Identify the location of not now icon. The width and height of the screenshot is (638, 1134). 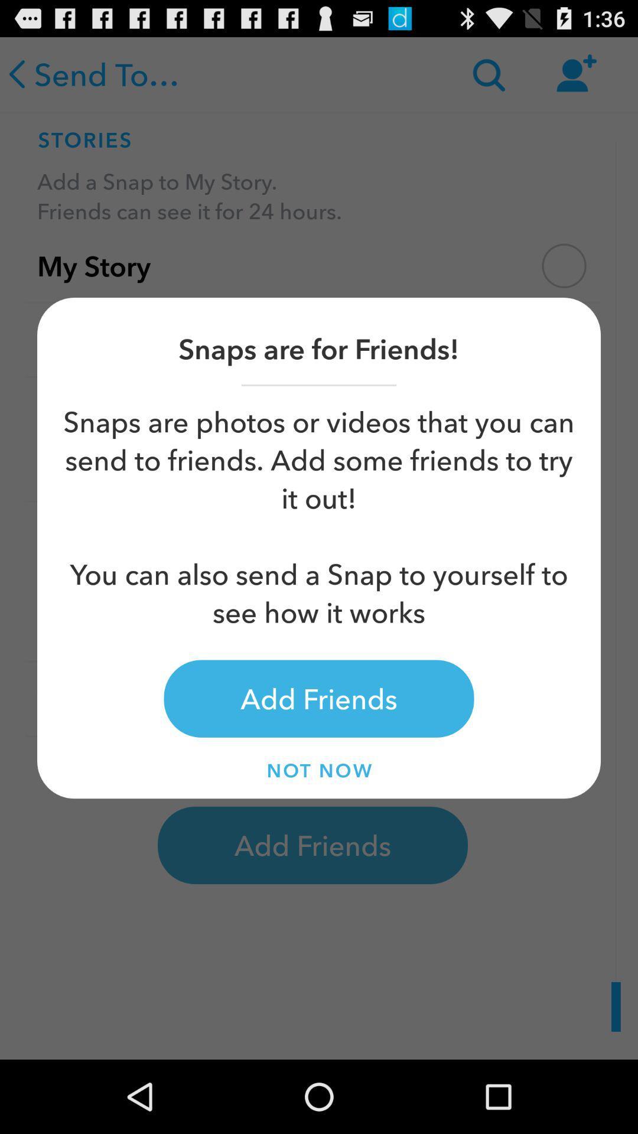
(319, 770).